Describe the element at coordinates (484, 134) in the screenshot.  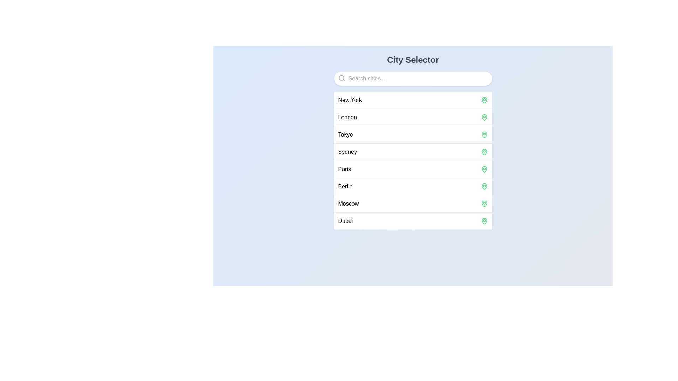
I see `the pin-shaped icon with a green outline and white fill, which is the third icon in the vertical list next to the text 'Tokyo', for context` at that location.